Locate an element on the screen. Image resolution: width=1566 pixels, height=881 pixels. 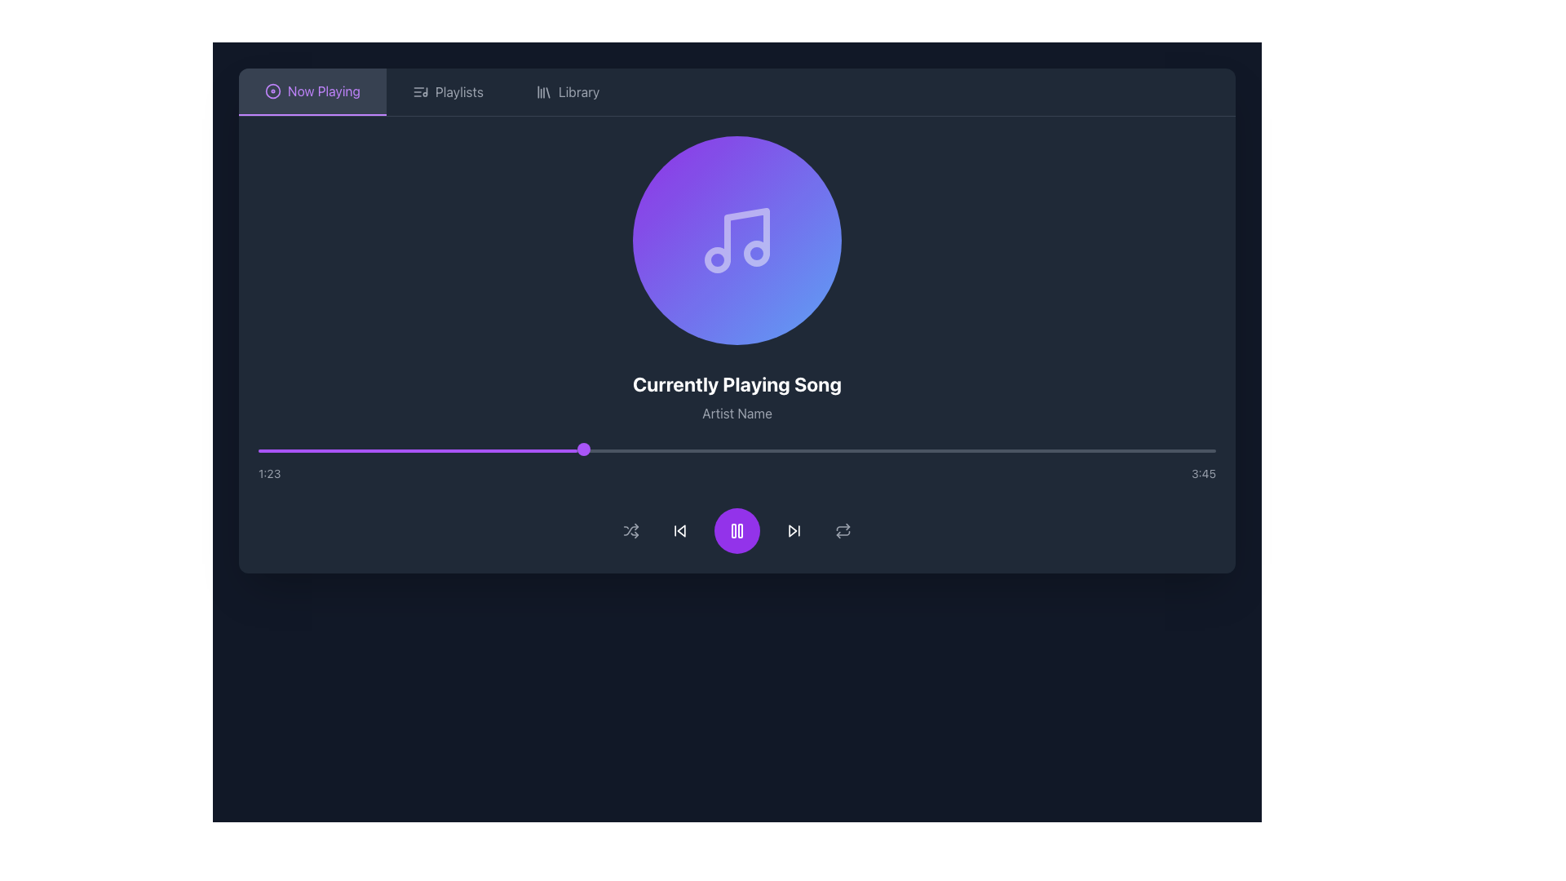
the text label displaying '3:45' in light gray font, located at the bottom-right corner of the window is located at coordinates (1204, 474).